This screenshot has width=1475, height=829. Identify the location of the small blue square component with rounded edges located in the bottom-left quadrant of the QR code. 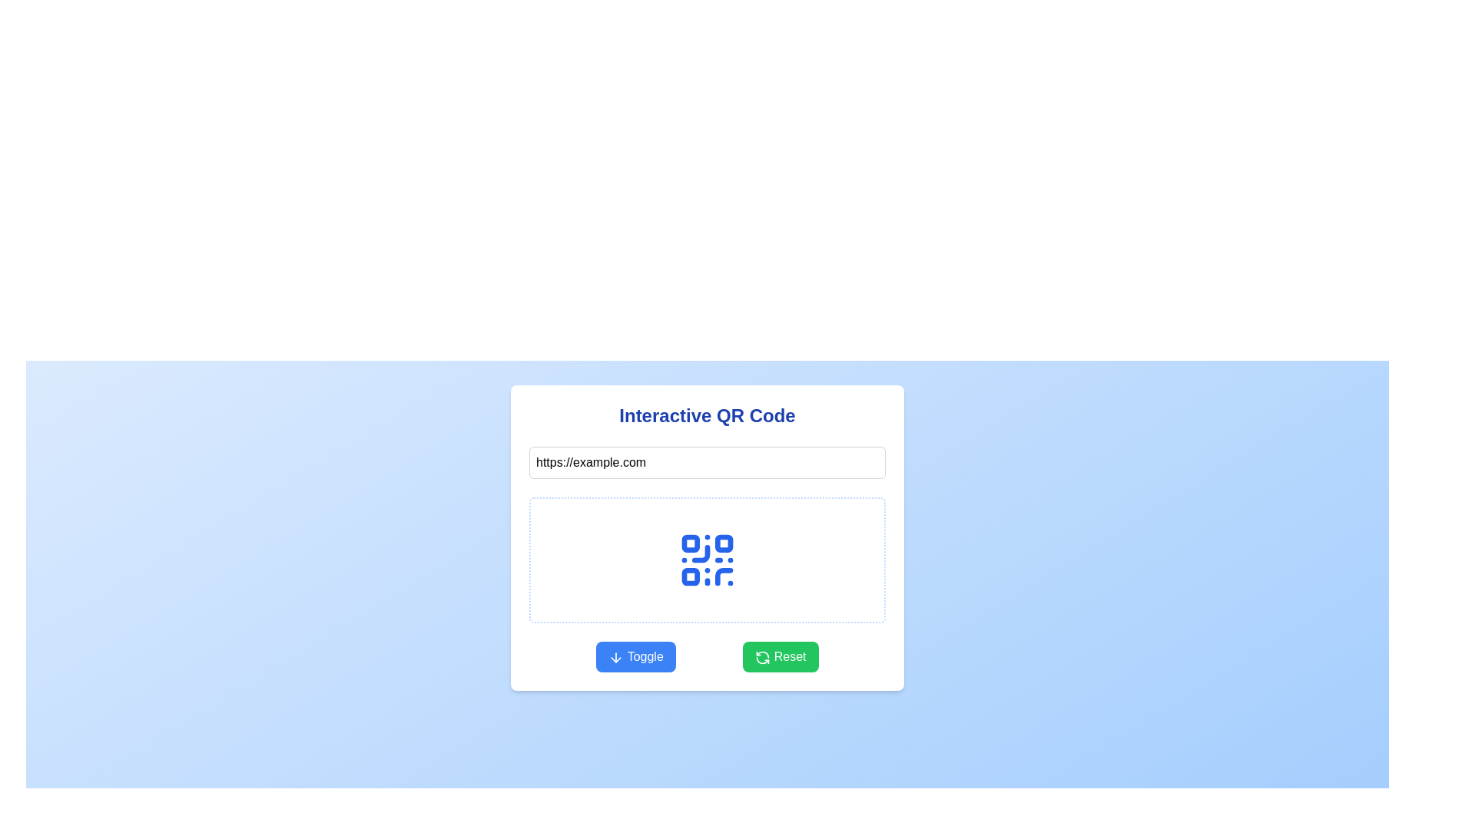
(690, 576).